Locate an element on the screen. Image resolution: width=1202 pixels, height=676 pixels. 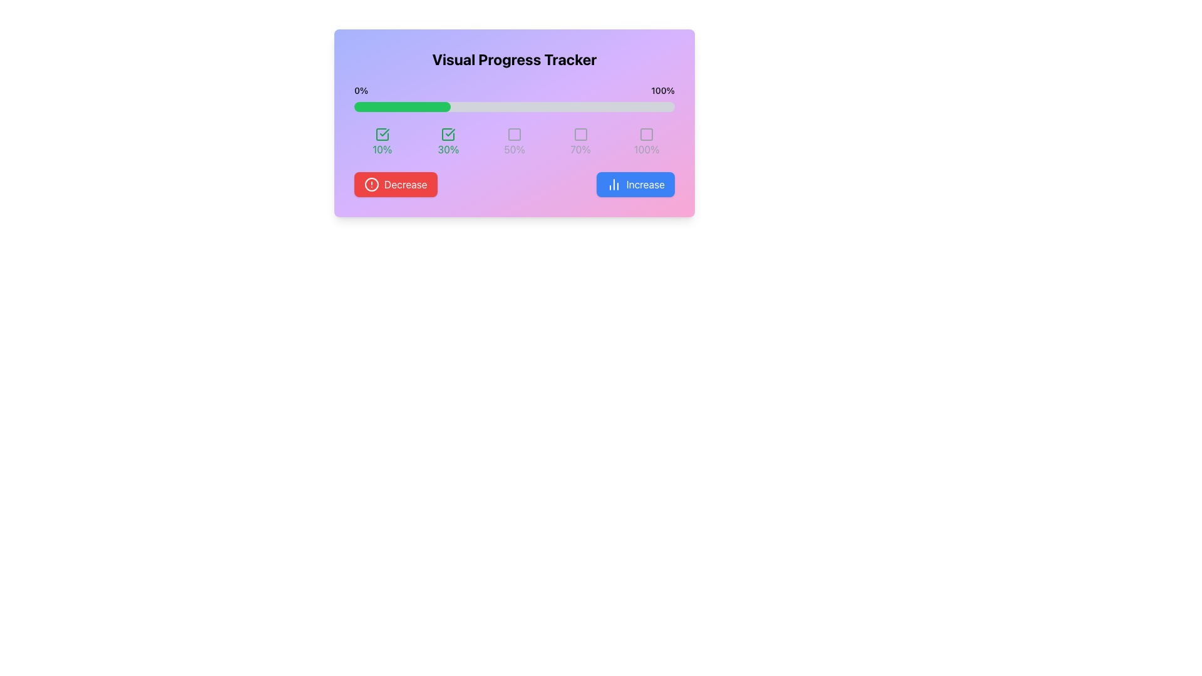
the progress level is located at coordinates (475, 106).